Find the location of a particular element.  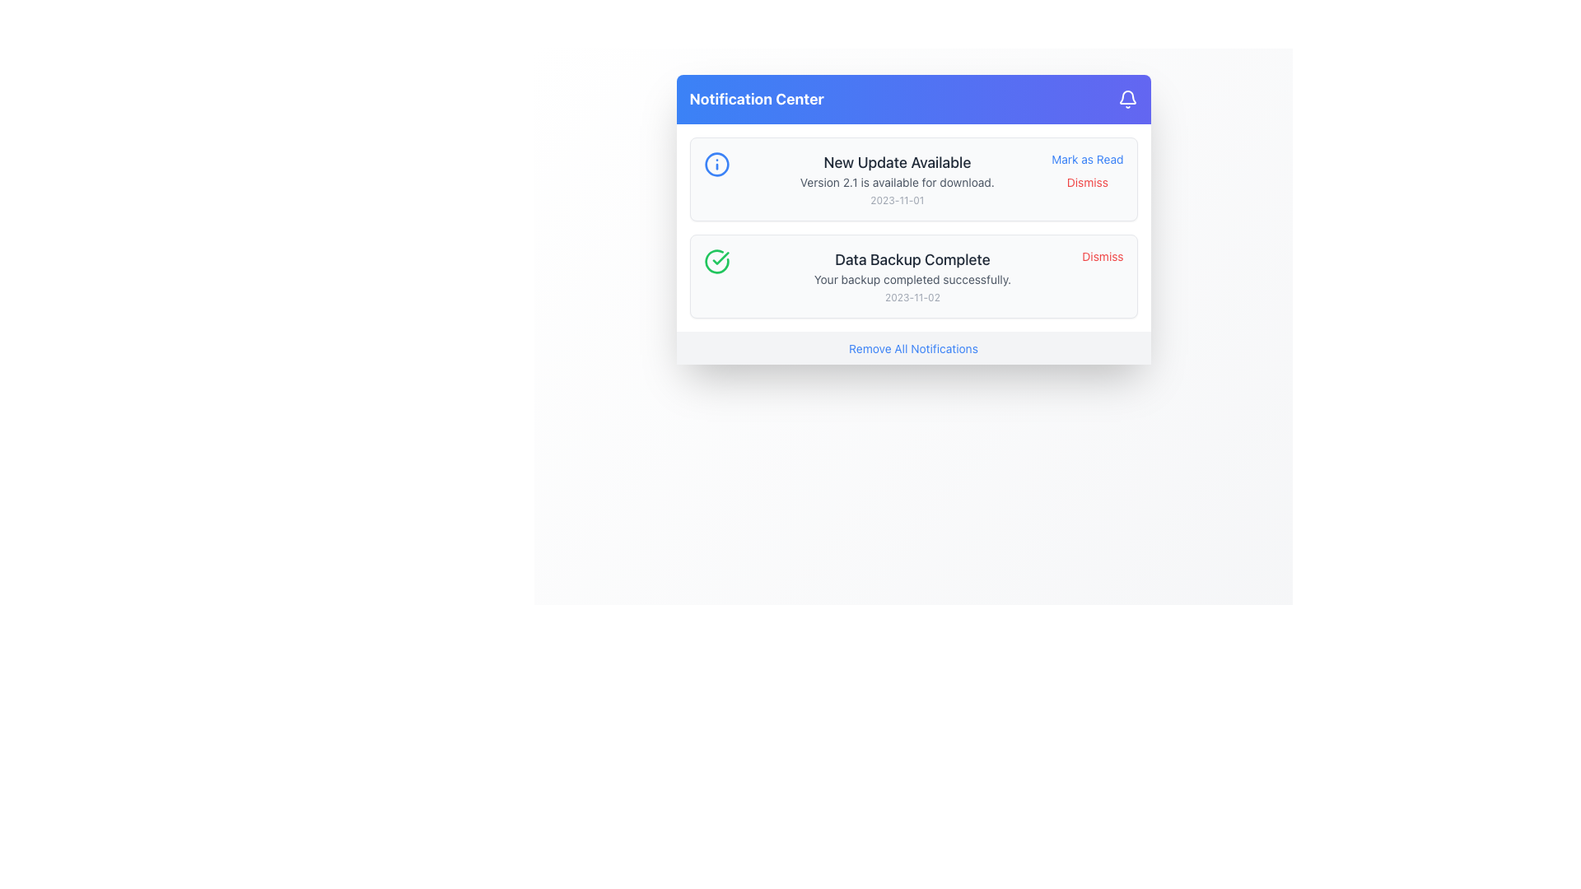

the static text label displaying 'Version 2.1 is available for download', which is part of the notification titled 'New Update Available' is located at coordinates (896, 183).